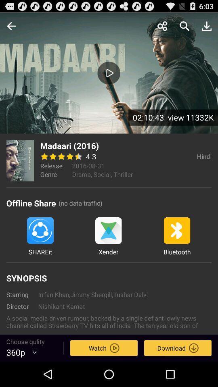 The image size is (218, 387). I want to click on bluetooth option next to xender option, so click(176, 237).